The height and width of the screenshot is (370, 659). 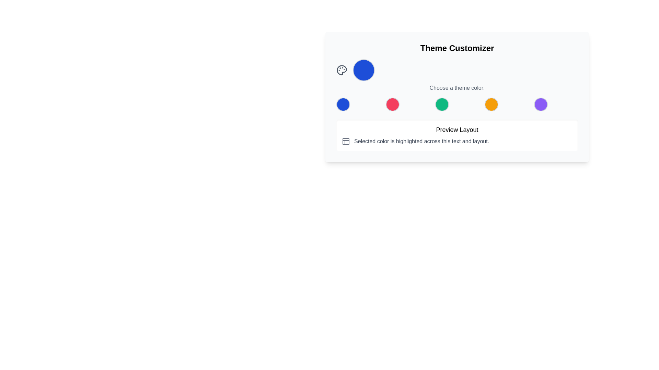 I want to click on the circular color palette icon that represents color customization, located at the top-left area of the interface, so click(x=342, y=70).